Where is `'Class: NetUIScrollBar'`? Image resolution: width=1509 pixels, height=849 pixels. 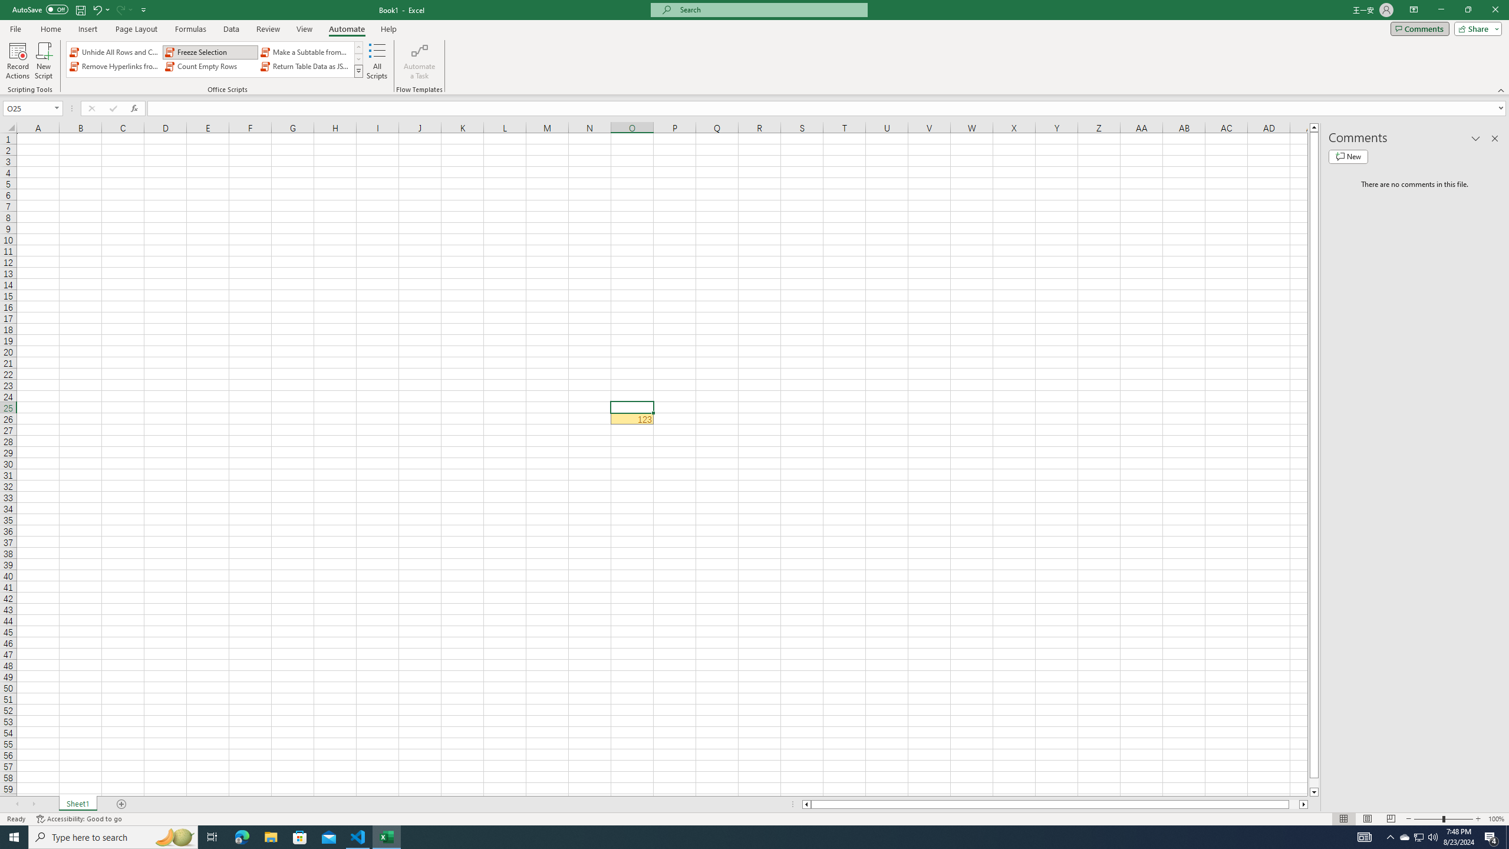 'Class: NetUIScrollBar' is located at coordinates (1055, 804).